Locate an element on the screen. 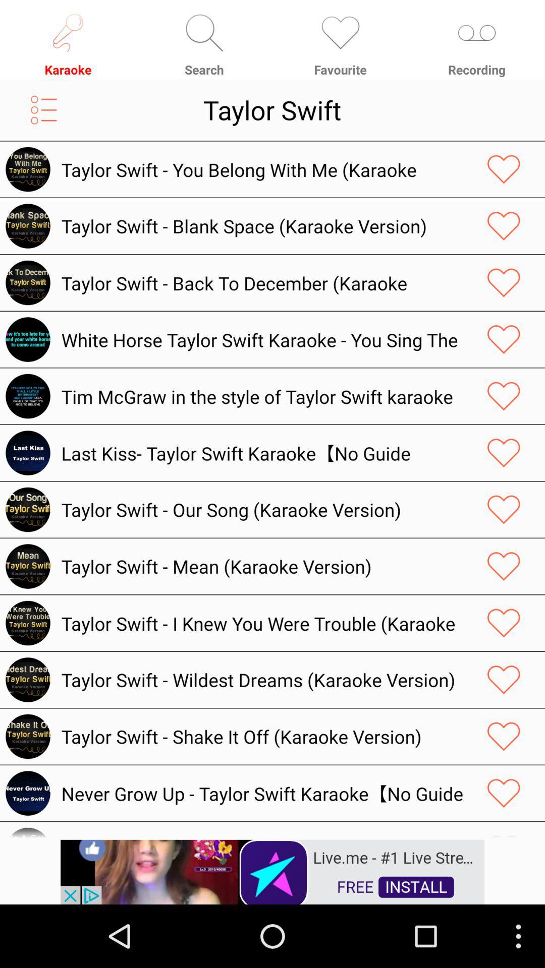 The image size is (545, 968). like the page is located at coordinates (504, 623).